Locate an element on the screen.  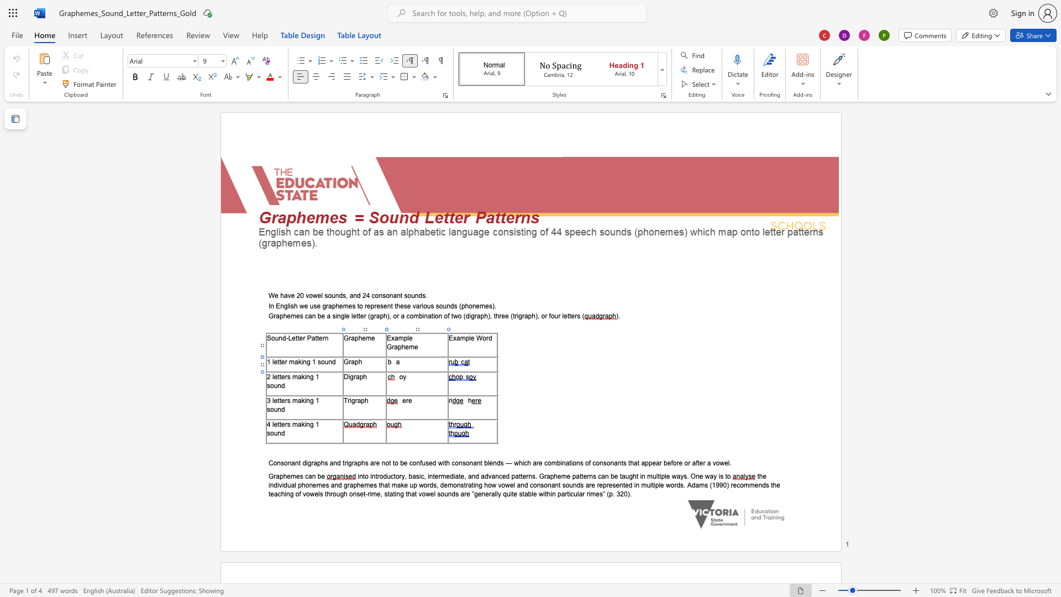
the 1th character "i" in the text is located at coordinates (305, 376).